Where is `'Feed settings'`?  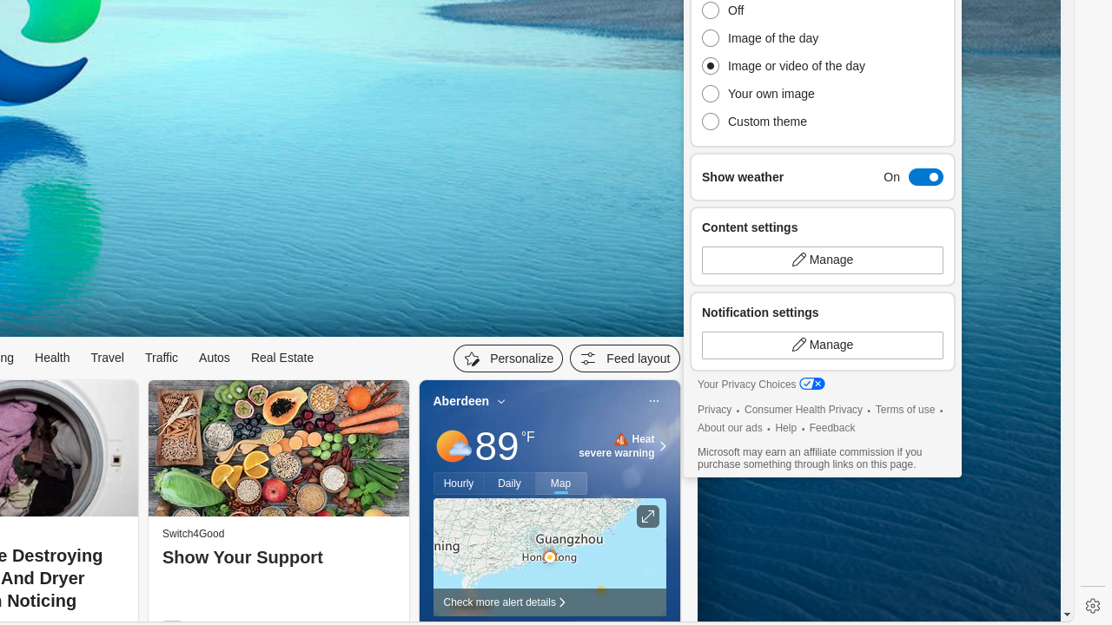
'Feed settings' is located at coordinates (625, 357).